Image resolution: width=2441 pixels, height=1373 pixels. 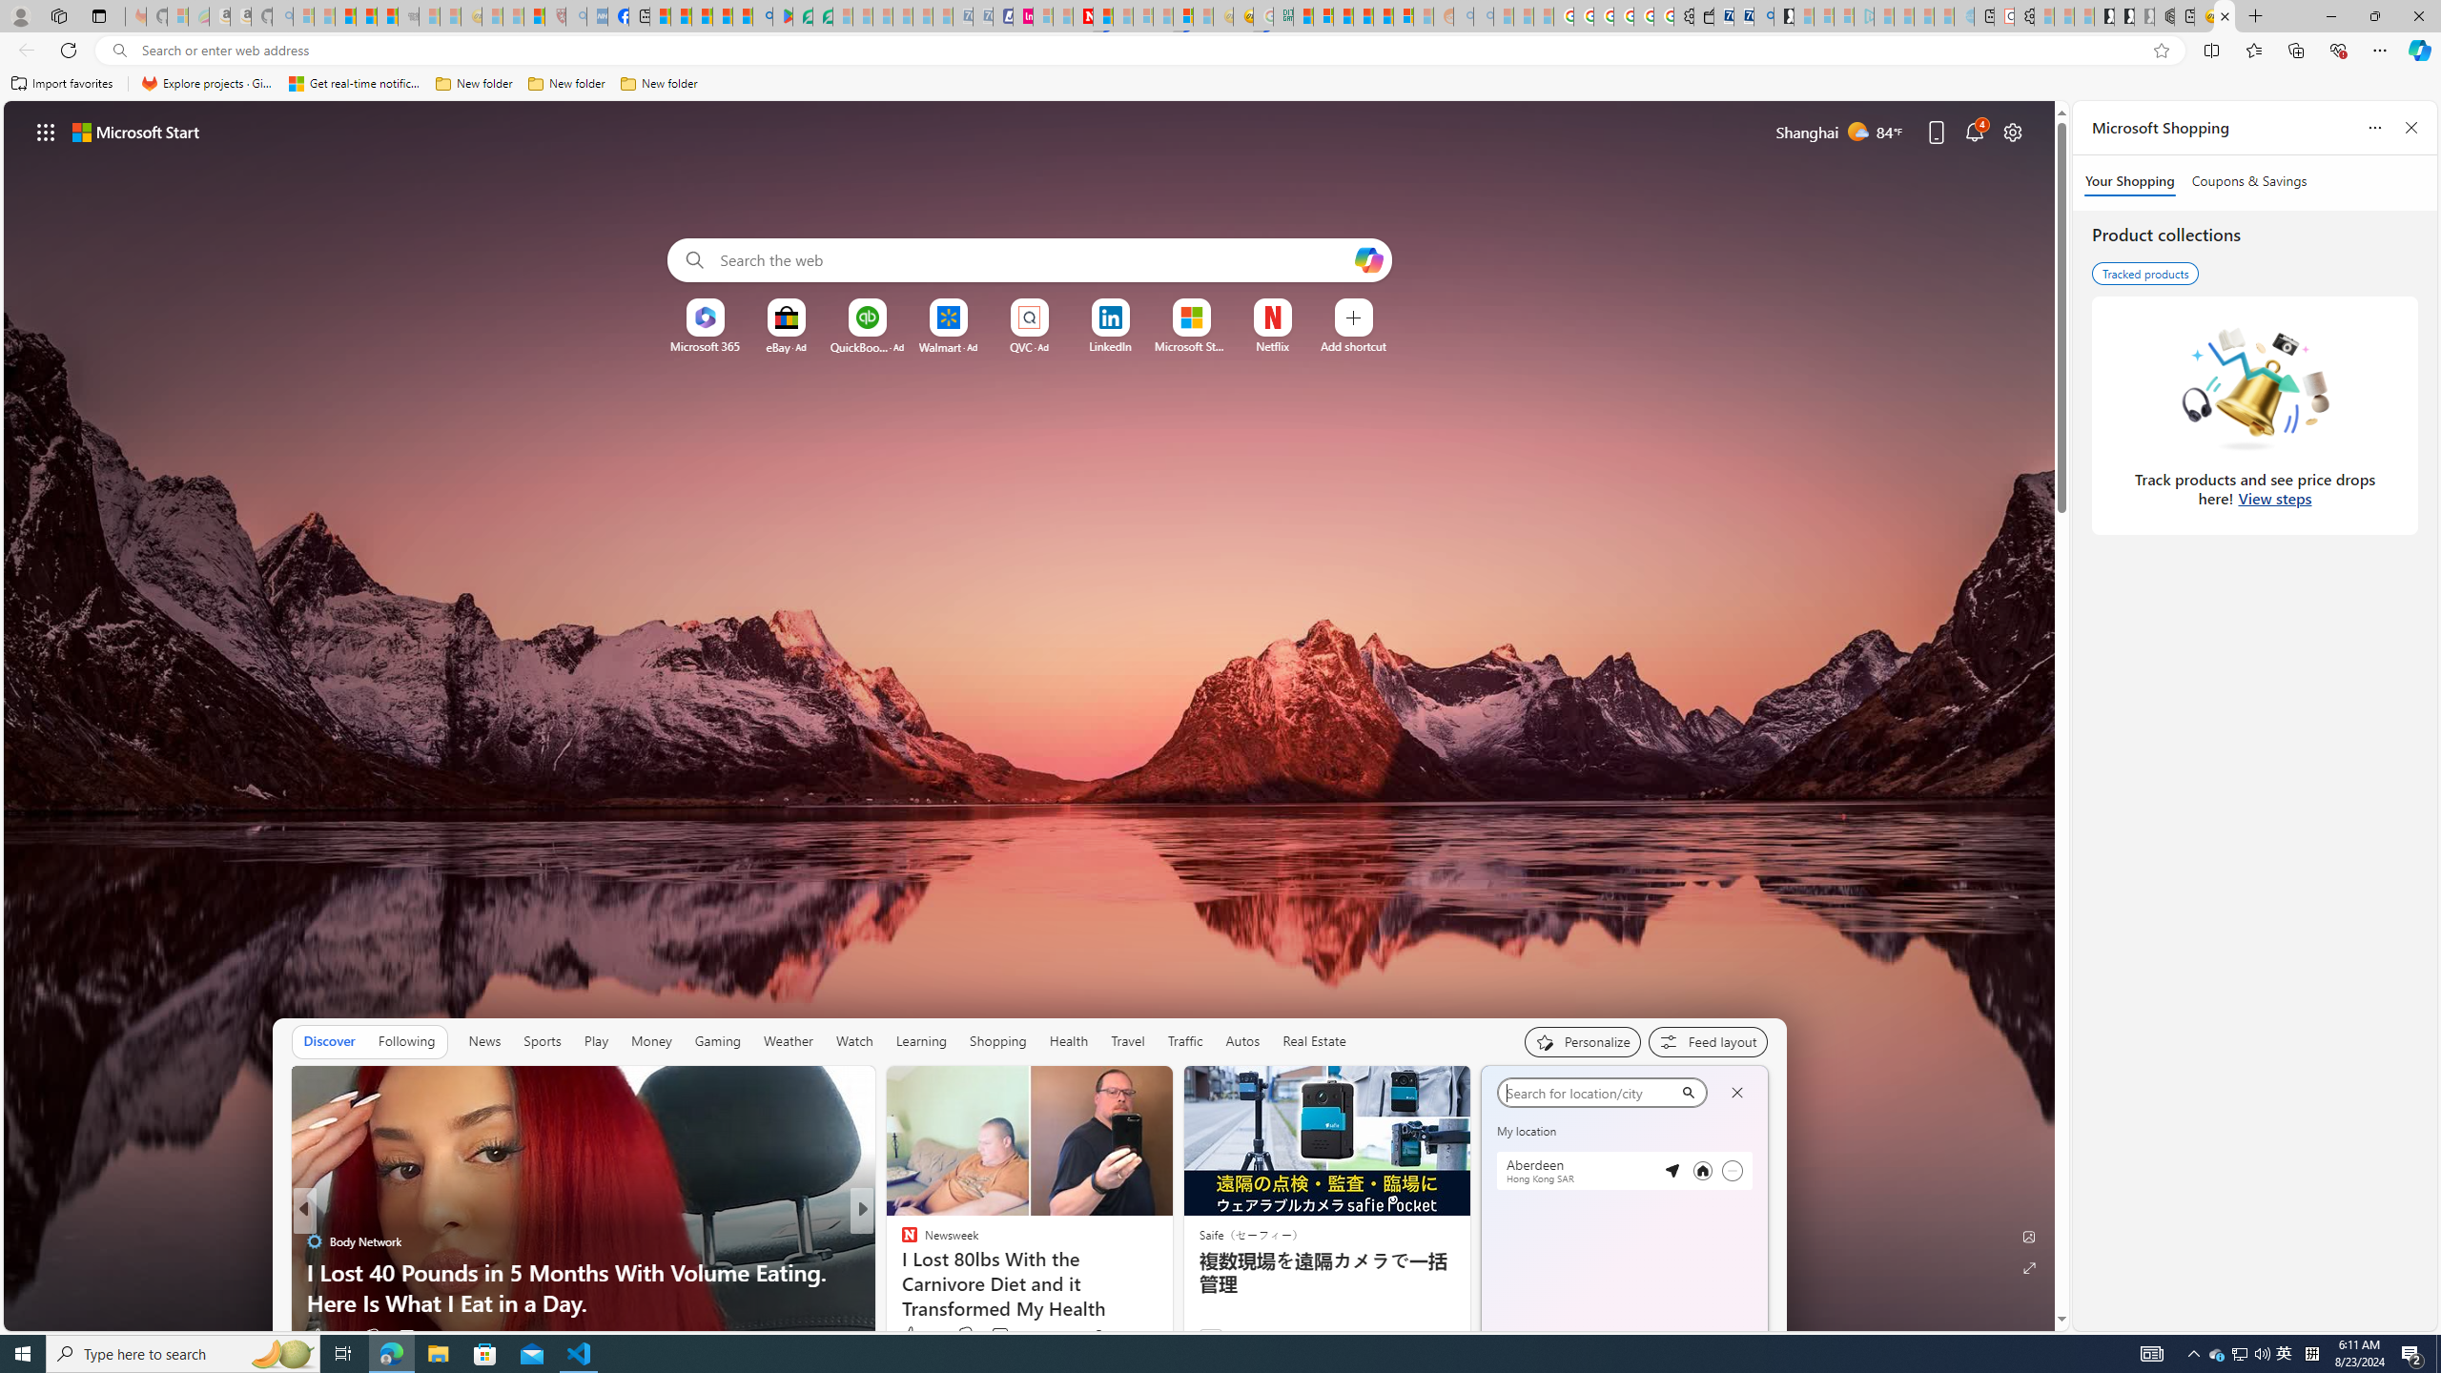 What do you see at coordinates (1762, 15) in the screenshot?
I see `'Bing Real Estate - Home sales and rental listings'` at bounding box center [1762, 15].